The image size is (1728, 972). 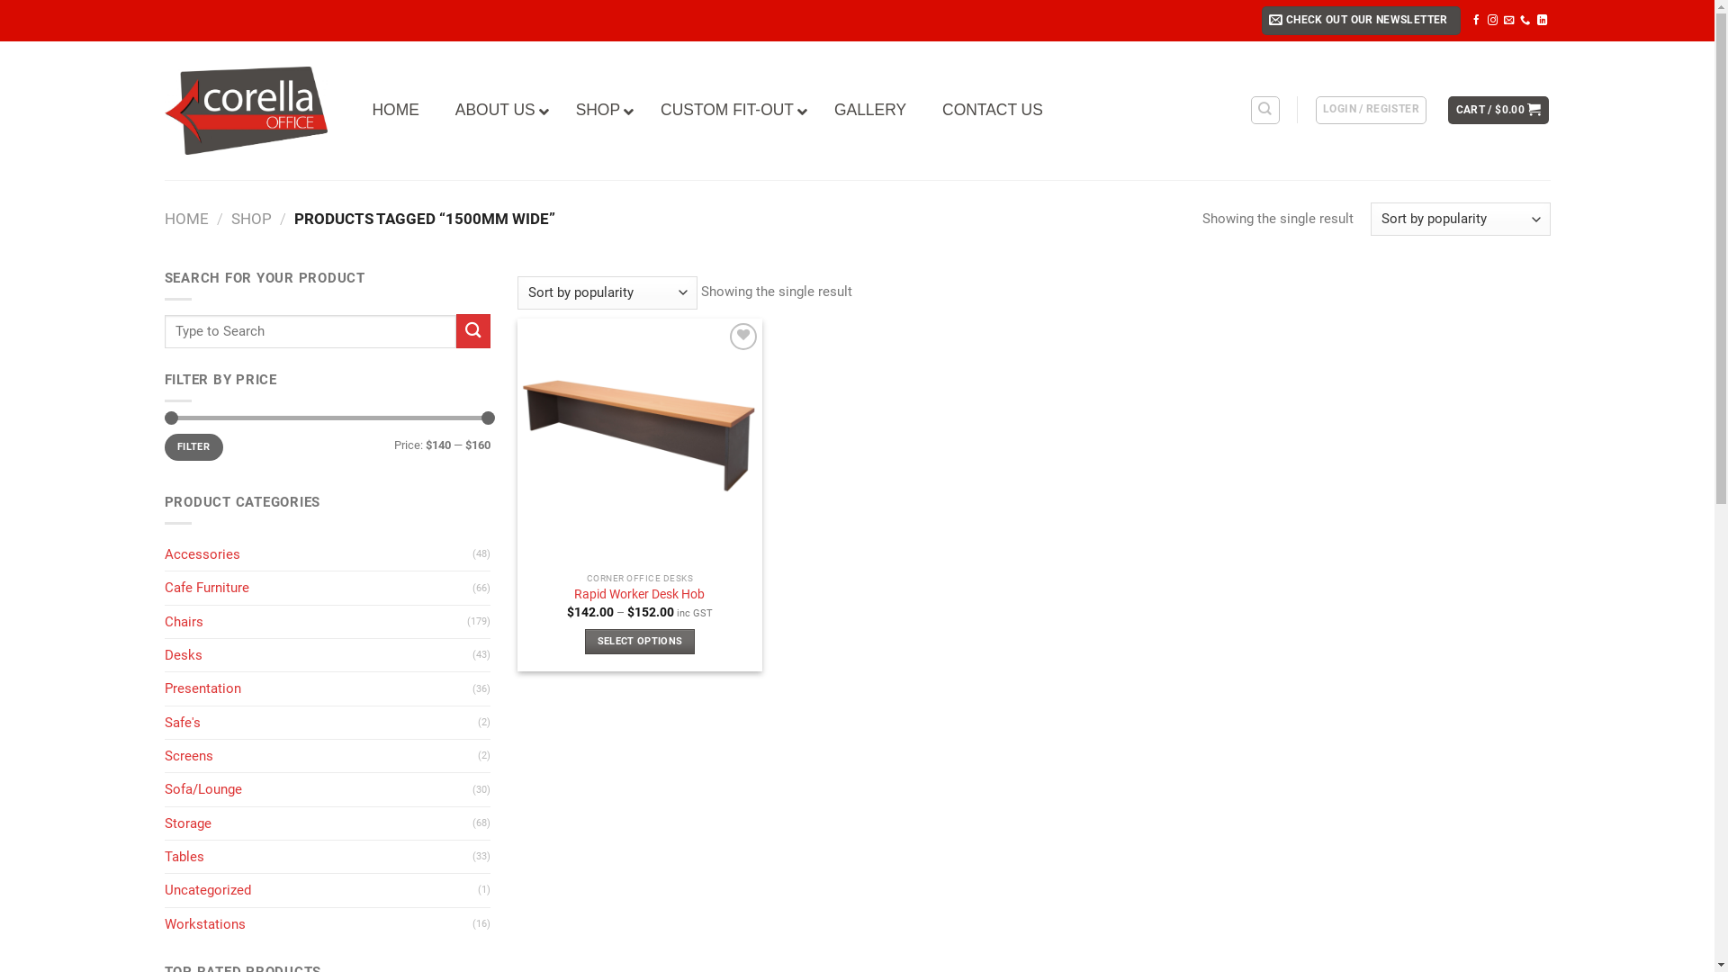 What do you see at coordinates (1476, 21) in the screenshot?
I see `'Follow on Facebook'` at bounding box center [1476, 21].